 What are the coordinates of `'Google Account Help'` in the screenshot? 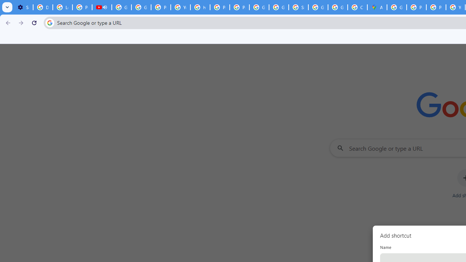 It's located at (141, 7).